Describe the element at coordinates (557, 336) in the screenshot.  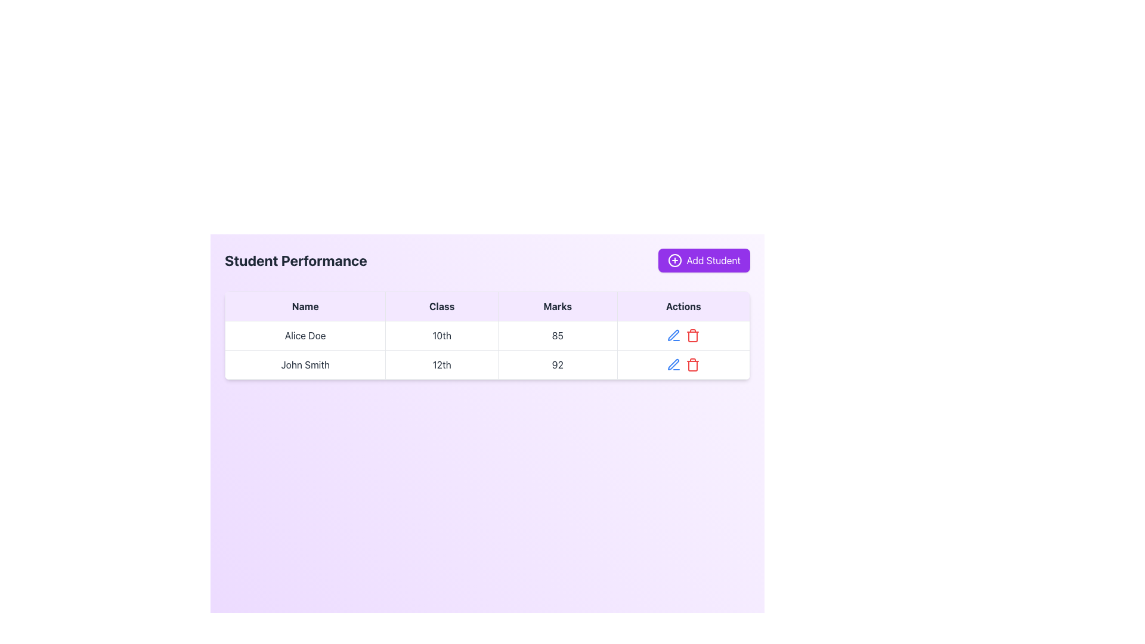
I see `the table cell displaying the number '85' under the 'Marks' column for the student 'Alice Doe'` at that location.